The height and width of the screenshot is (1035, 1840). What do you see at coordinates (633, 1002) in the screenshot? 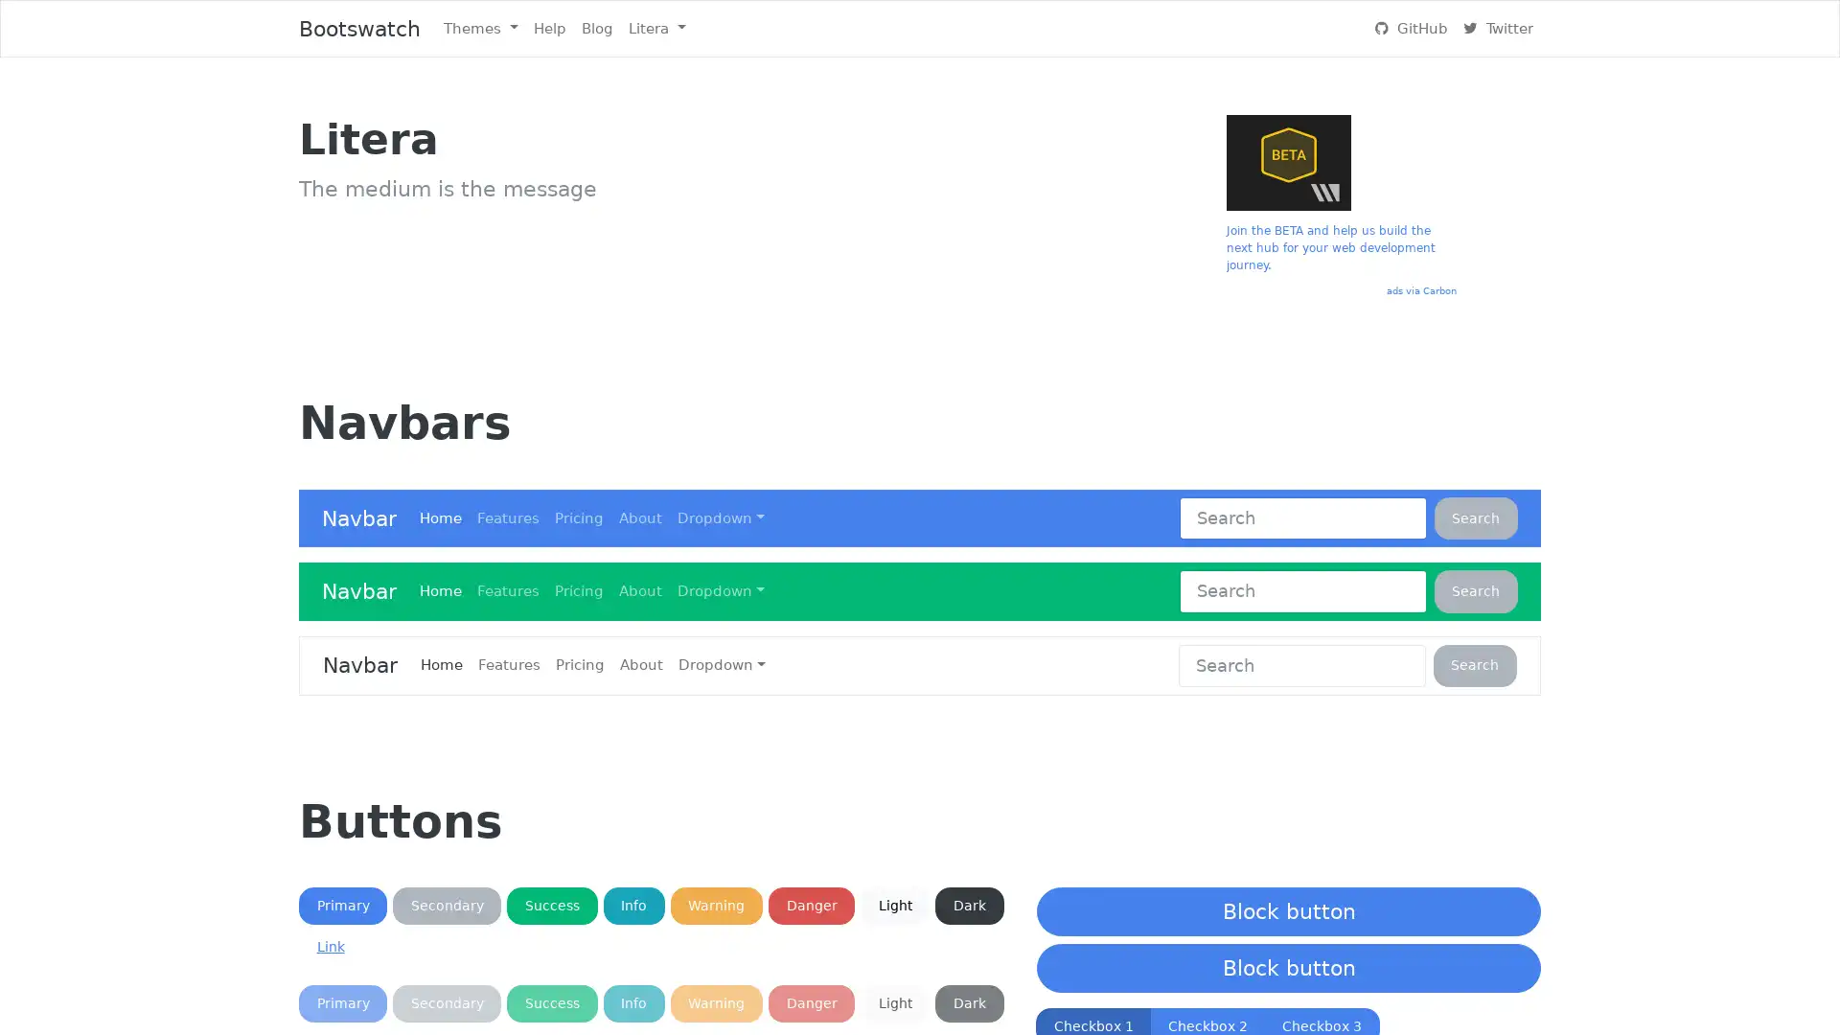
I see `Info` at bounding box center [633, 1002].